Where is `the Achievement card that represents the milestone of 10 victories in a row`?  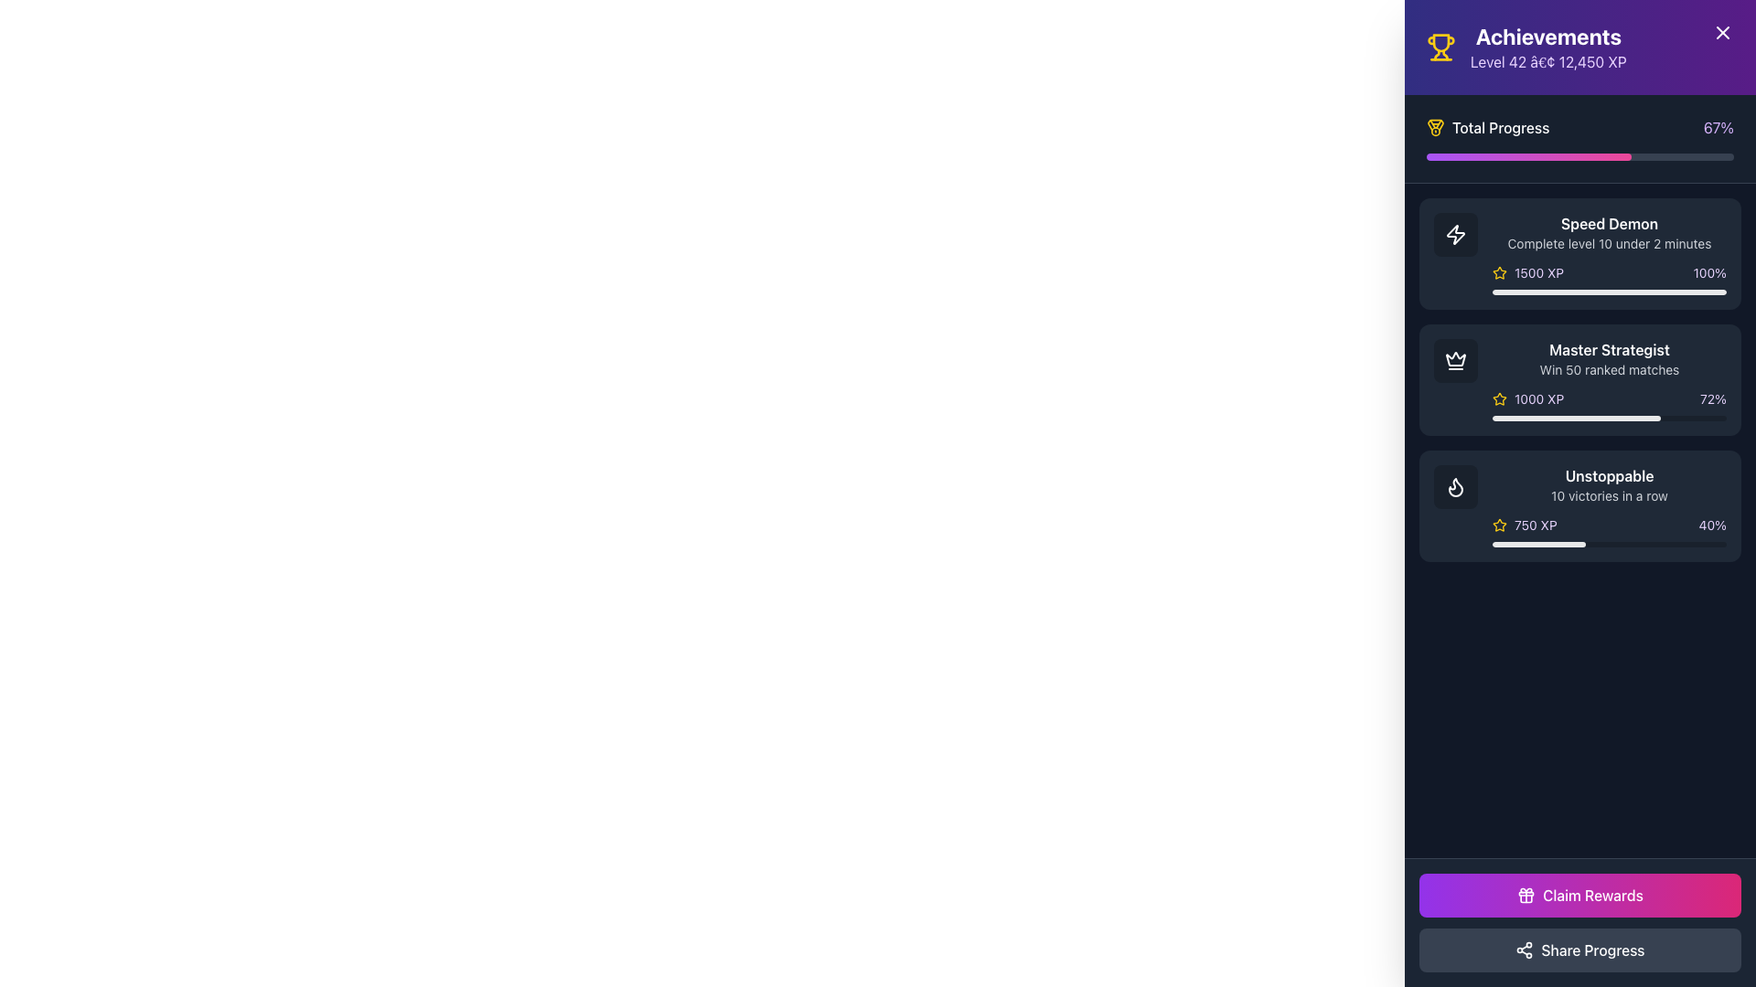
the Achievement card that represents the milestone of 10 victories in a row is located at coordinates (1579, 506).